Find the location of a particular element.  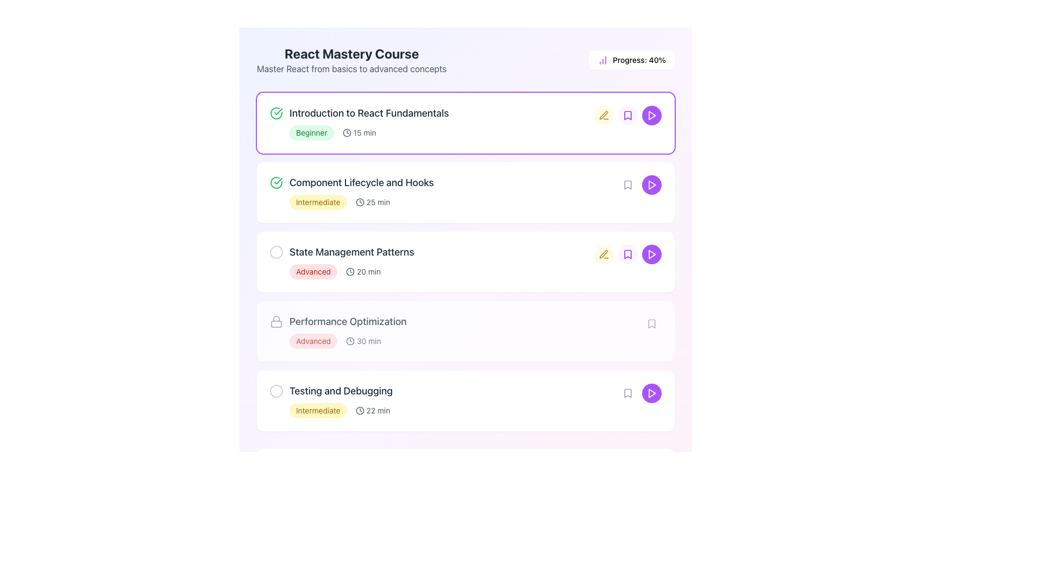

the clock icon indicating time, which is positioned to the left of the '22 min' text label in the 'Testing and Debugging' card is located at coordinates (360, 410).